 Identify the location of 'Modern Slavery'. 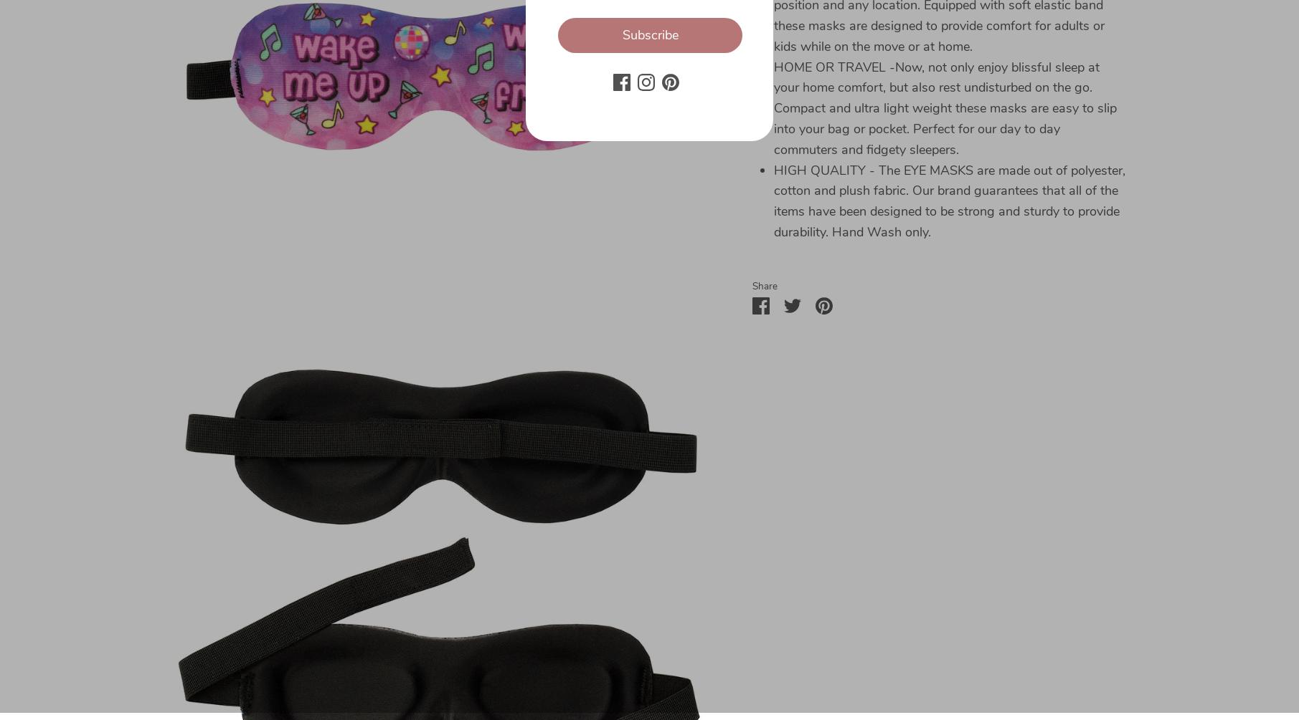
(118, 566).